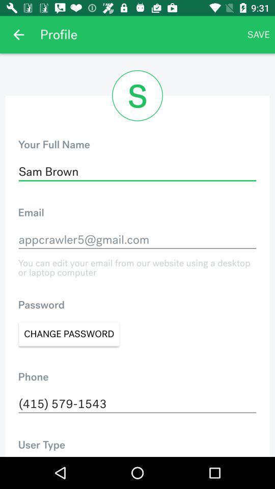 The image size is (275, 489). Describe the element at coordinates (69, 333) in the screenshot. I see `change password icon` at that location.